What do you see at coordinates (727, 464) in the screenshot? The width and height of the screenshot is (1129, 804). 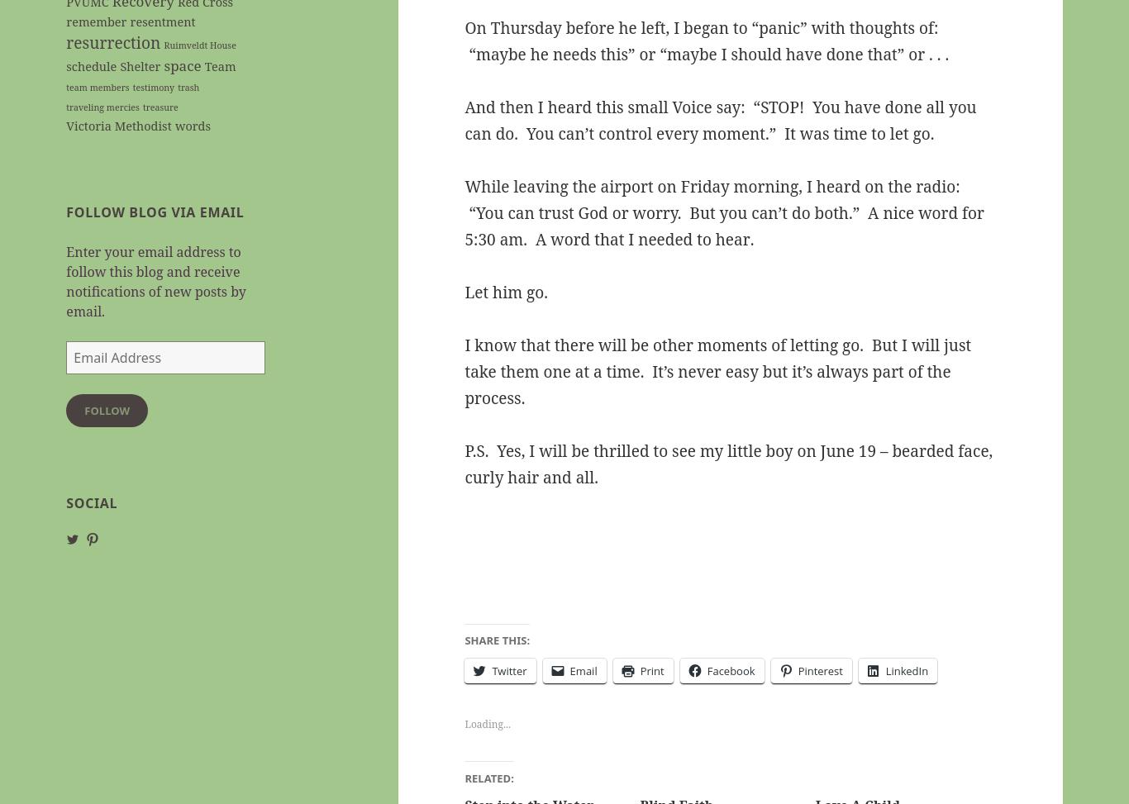 I see `'P.S.  Yes, I will be thrilled to see my little boy on June 19 – bearded face, curly hair and all.'` at bounding box center [727, 464].